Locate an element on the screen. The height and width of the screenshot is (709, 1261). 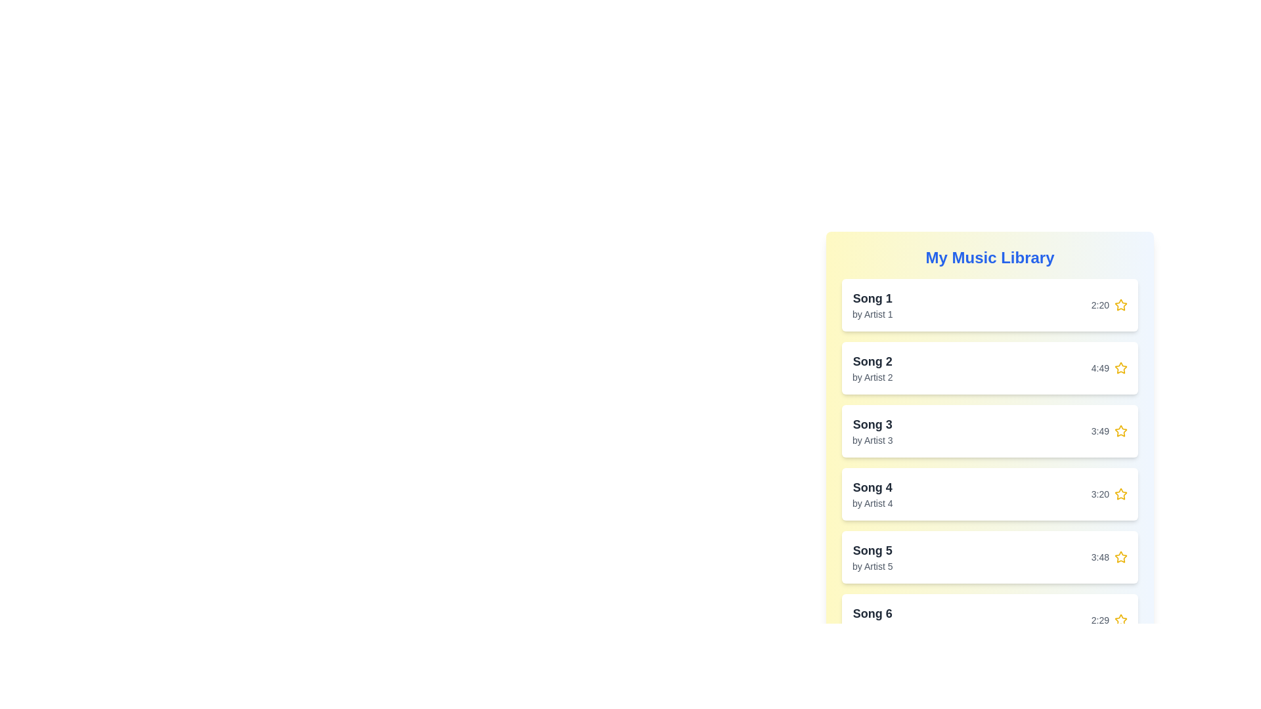
the static text label displaying 'by Artist 5' located below the title 'Song 5' in the 'My Music Library' panel is located at coordinates (872, 566).